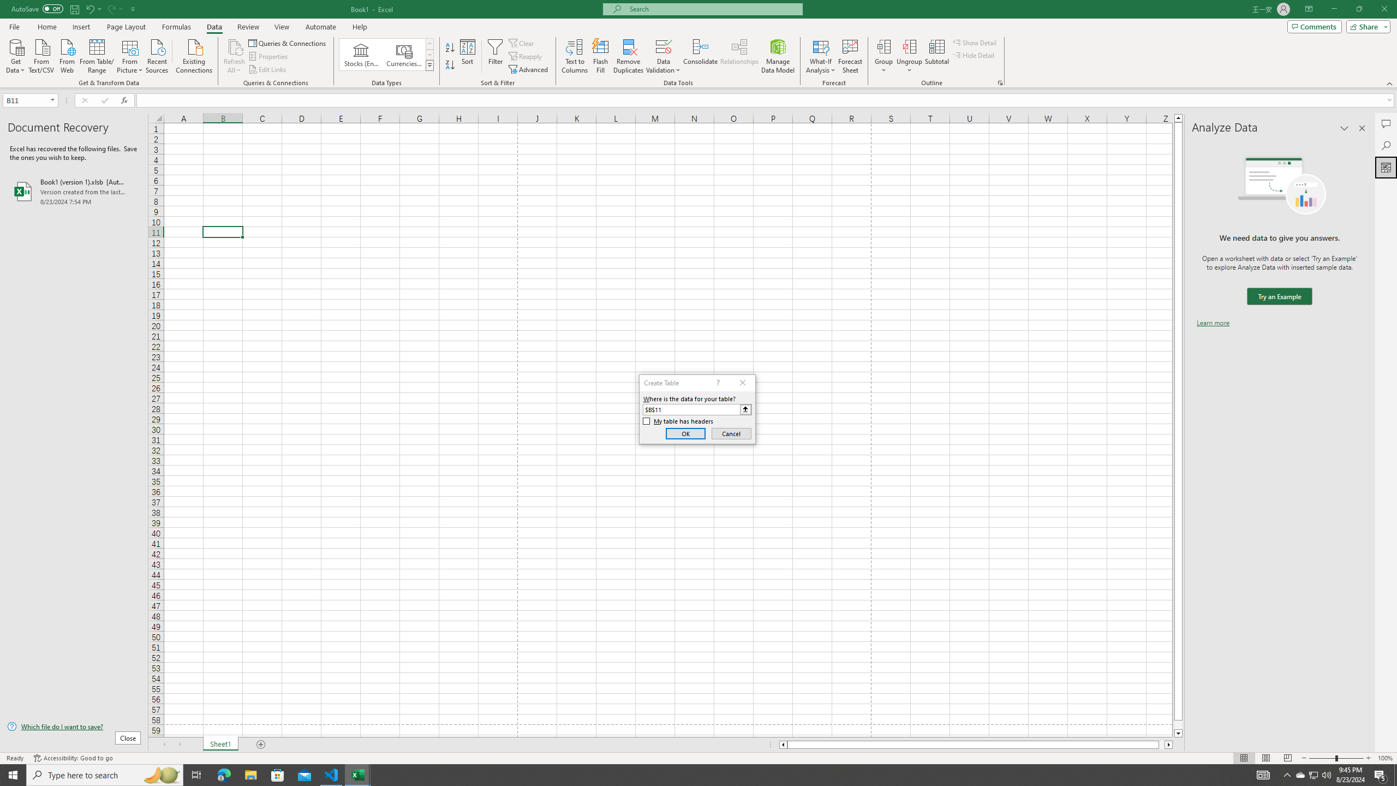  Describe the element at coordinates (850, 56) in the screenshot. I see `'Forecast Sheet'` at that location.